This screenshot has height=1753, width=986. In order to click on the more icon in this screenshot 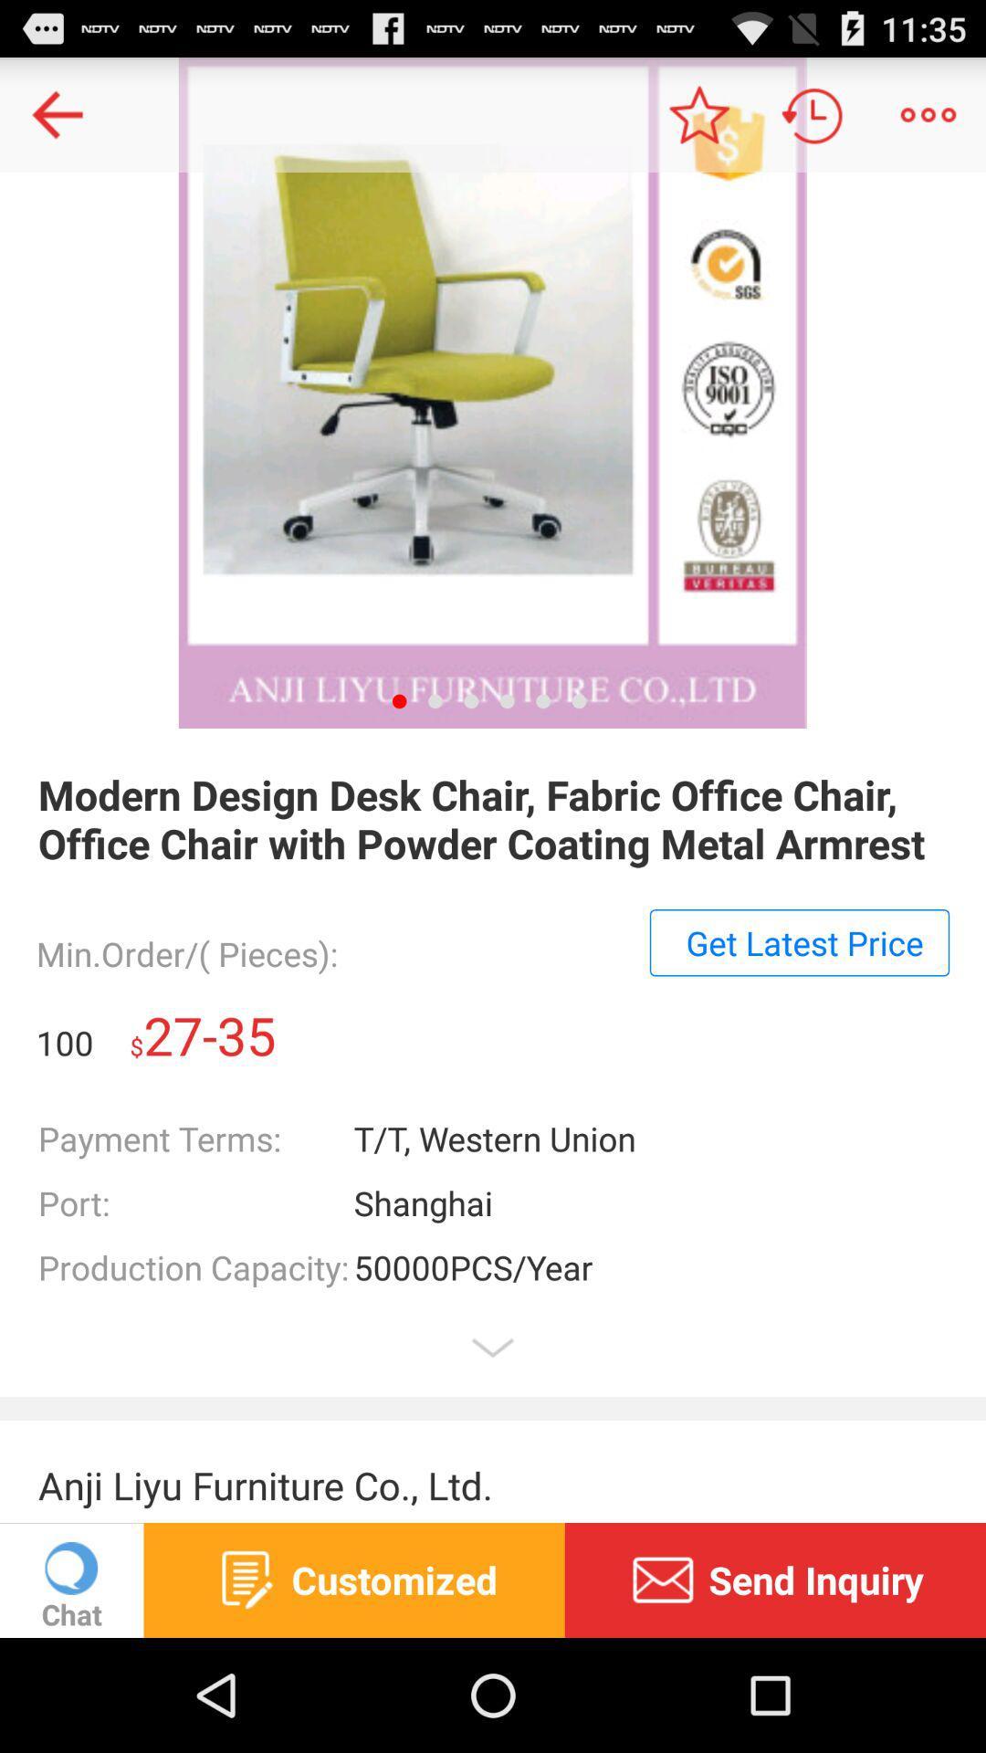, I will do `click(928, 121)`.